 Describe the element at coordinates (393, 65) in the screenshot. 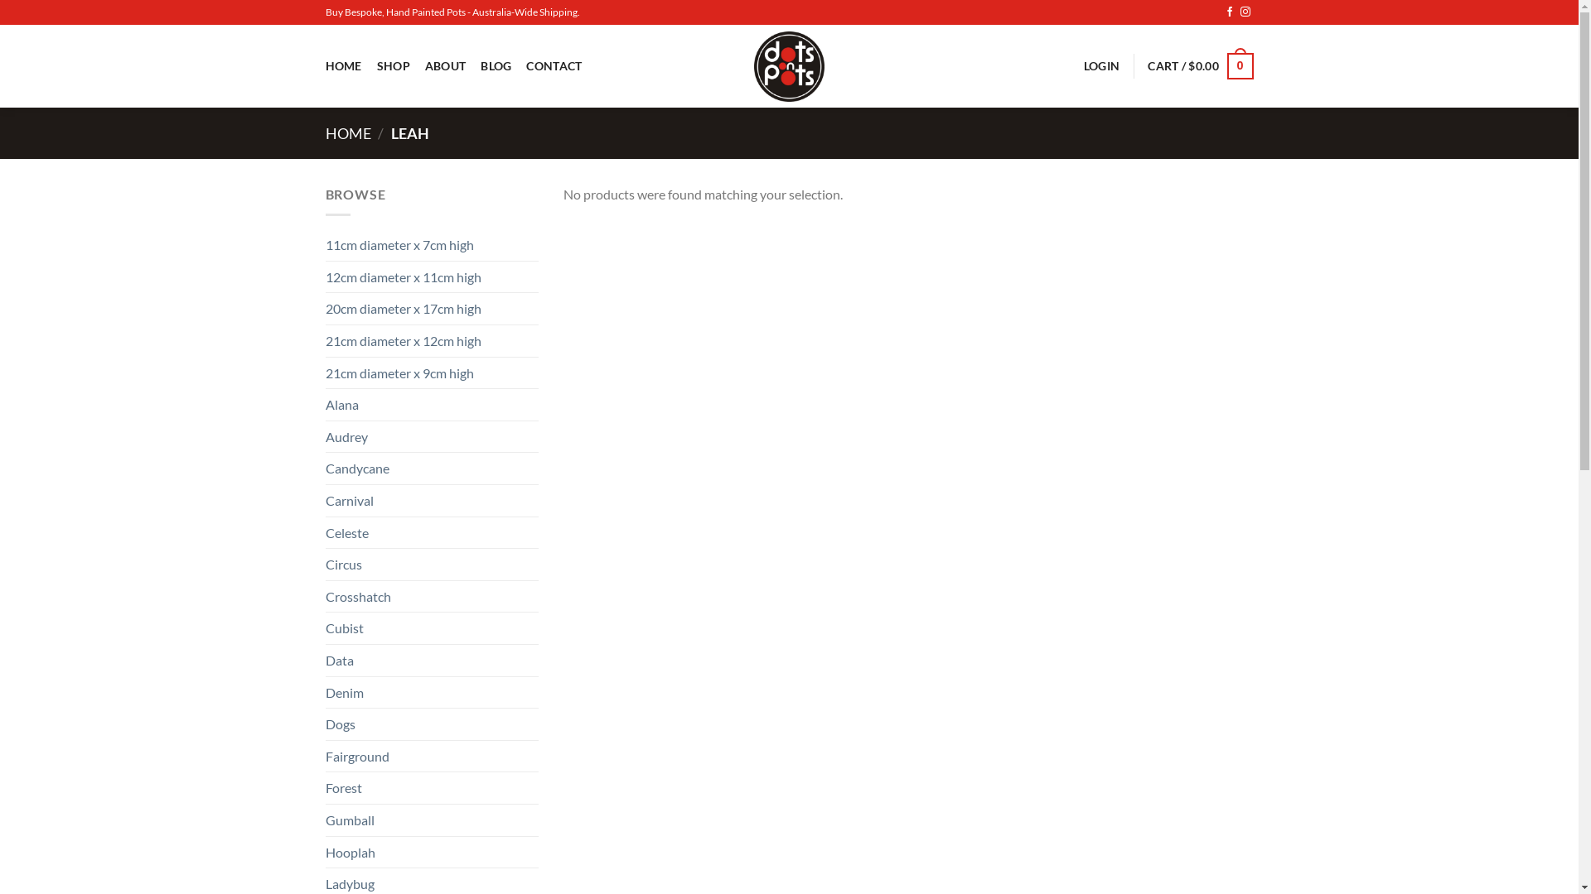

I see `'SHOP'` at that location.